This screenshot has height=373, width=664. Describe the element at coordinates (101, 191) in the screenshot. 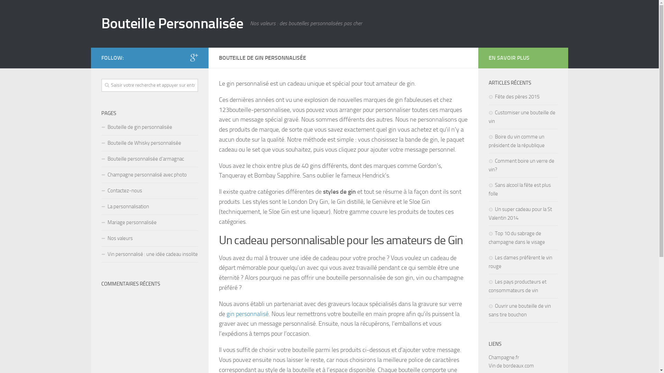

I see `'Contactez-nous'` at that location.